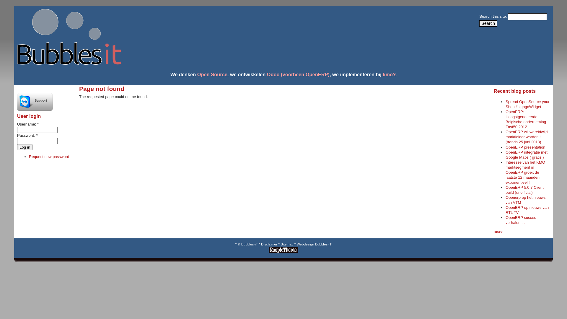 Image resolution: width=567 pixels, height=319 pixels. I want to click on 'Openerp op het nieuws van VTM', so click(526, 200).